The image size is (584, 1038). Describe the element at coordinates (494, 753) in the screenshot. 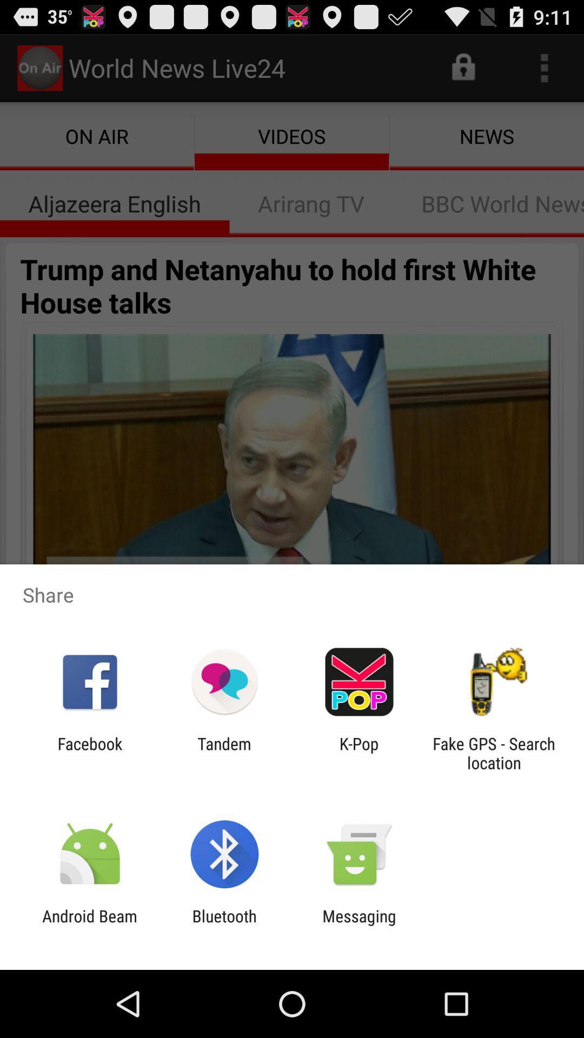

I see `fake gps search item` at that location.